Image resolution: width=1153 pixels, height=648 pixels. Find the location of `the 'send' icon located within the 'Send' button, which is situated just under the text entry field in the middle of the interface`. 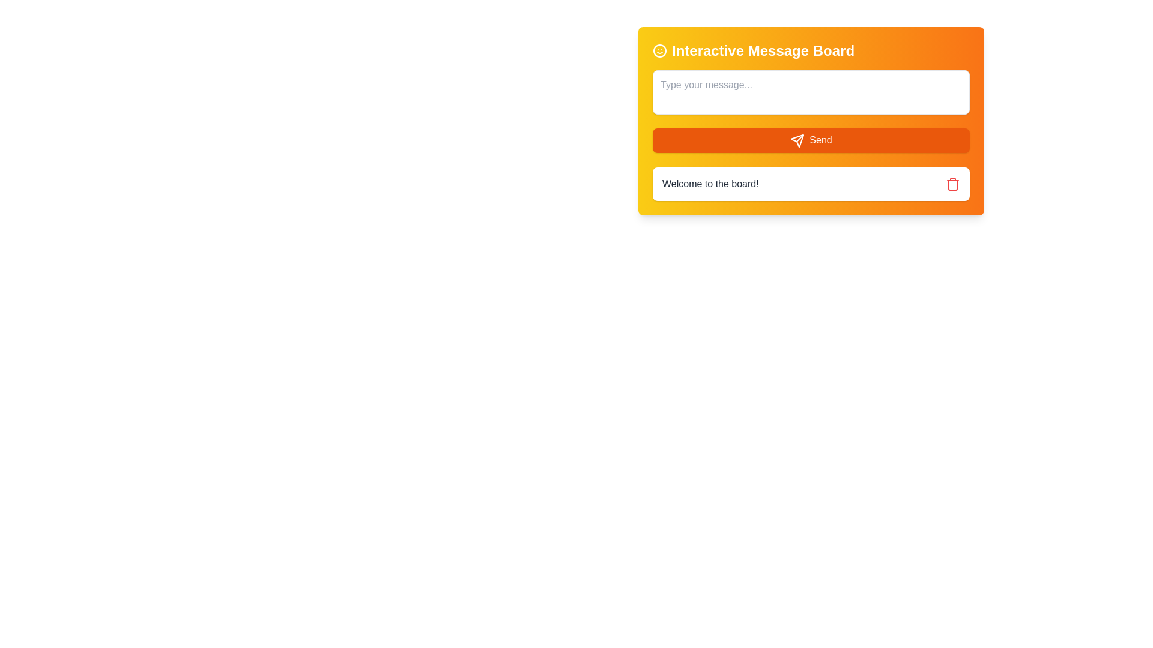

the 'send' icon located within the 'Send' button, which is situated just under the text entry field in the middle of the interface is located at coordinates (797, 140).